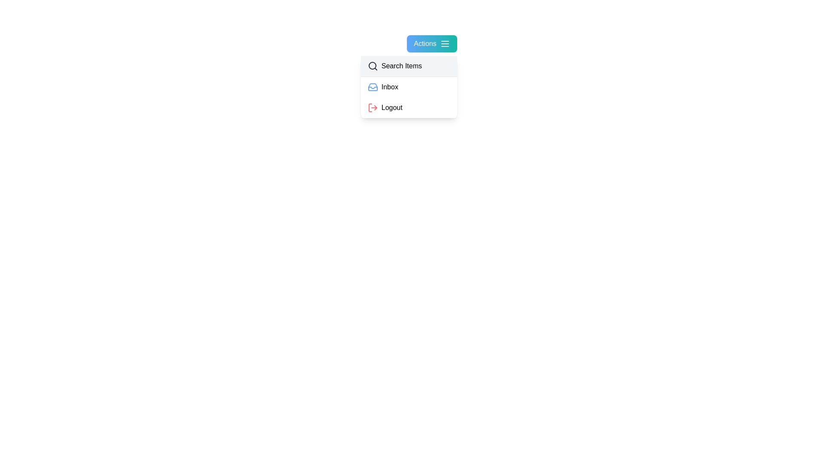 This screenshot has height=464, width=825. Describe the element at coordinates (432, 43) in the screenshot. I see `the 'Actions' button to toggle the menu` at that location.